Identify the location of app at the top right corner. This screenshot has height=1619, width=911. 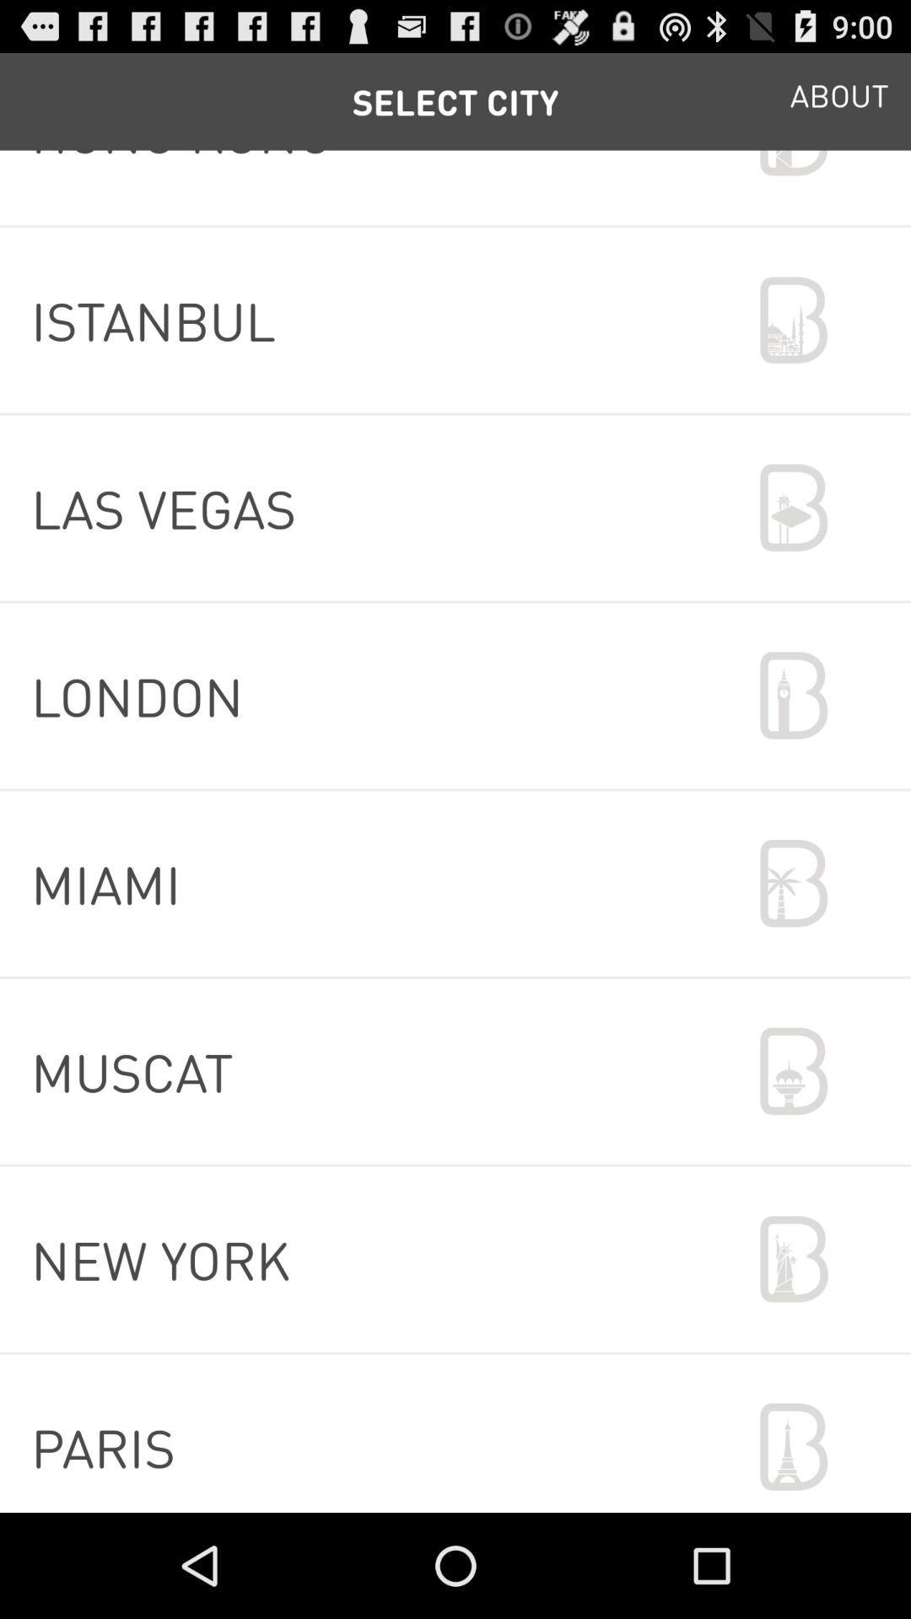
(839, 100).